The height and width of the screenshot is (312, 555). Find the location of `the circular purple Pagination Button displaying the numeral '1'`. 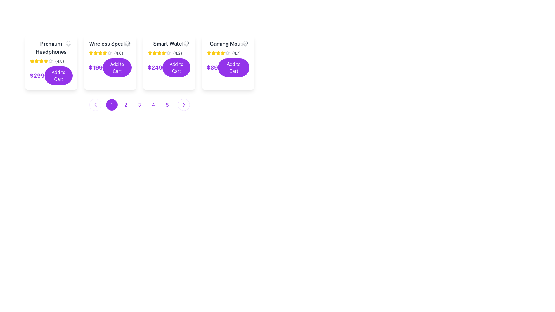

the circular purple Pagination Button displaying the numeral '1' is located at coordinates (112, 105).